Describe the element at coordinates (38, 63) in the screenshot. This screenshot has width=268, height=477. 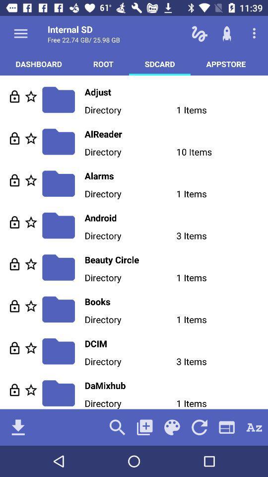
I see `the icon to the left of root icon` at that location.